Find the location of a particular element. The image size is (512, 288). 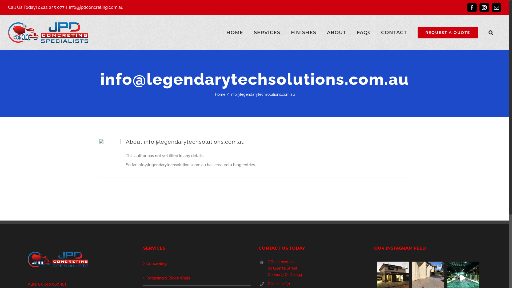

'FINISHES' is located at coordinates (288, 33).